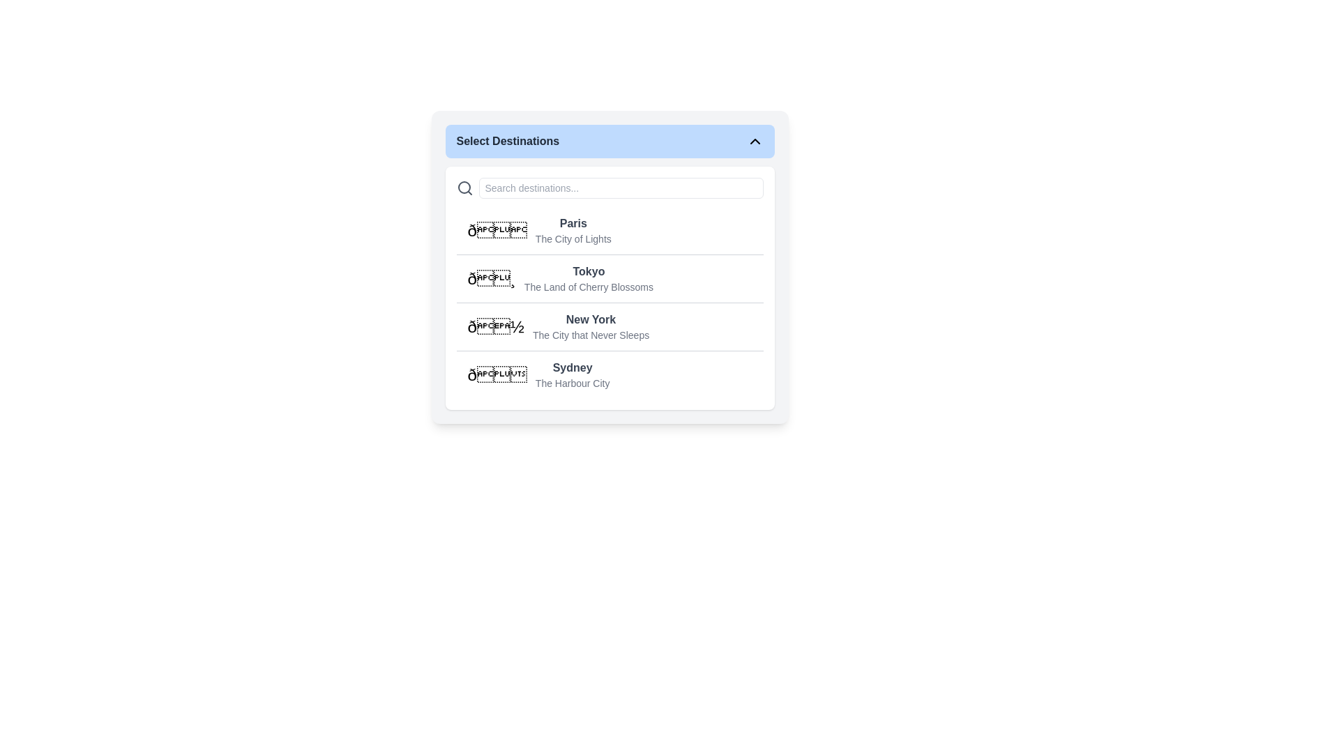 This screenshot has height=753, width=1339. I want to click on the text block containing 'Tokyo' and its descriptive tagline 'The Land of Cherry Blossoms', so click(589, 279).